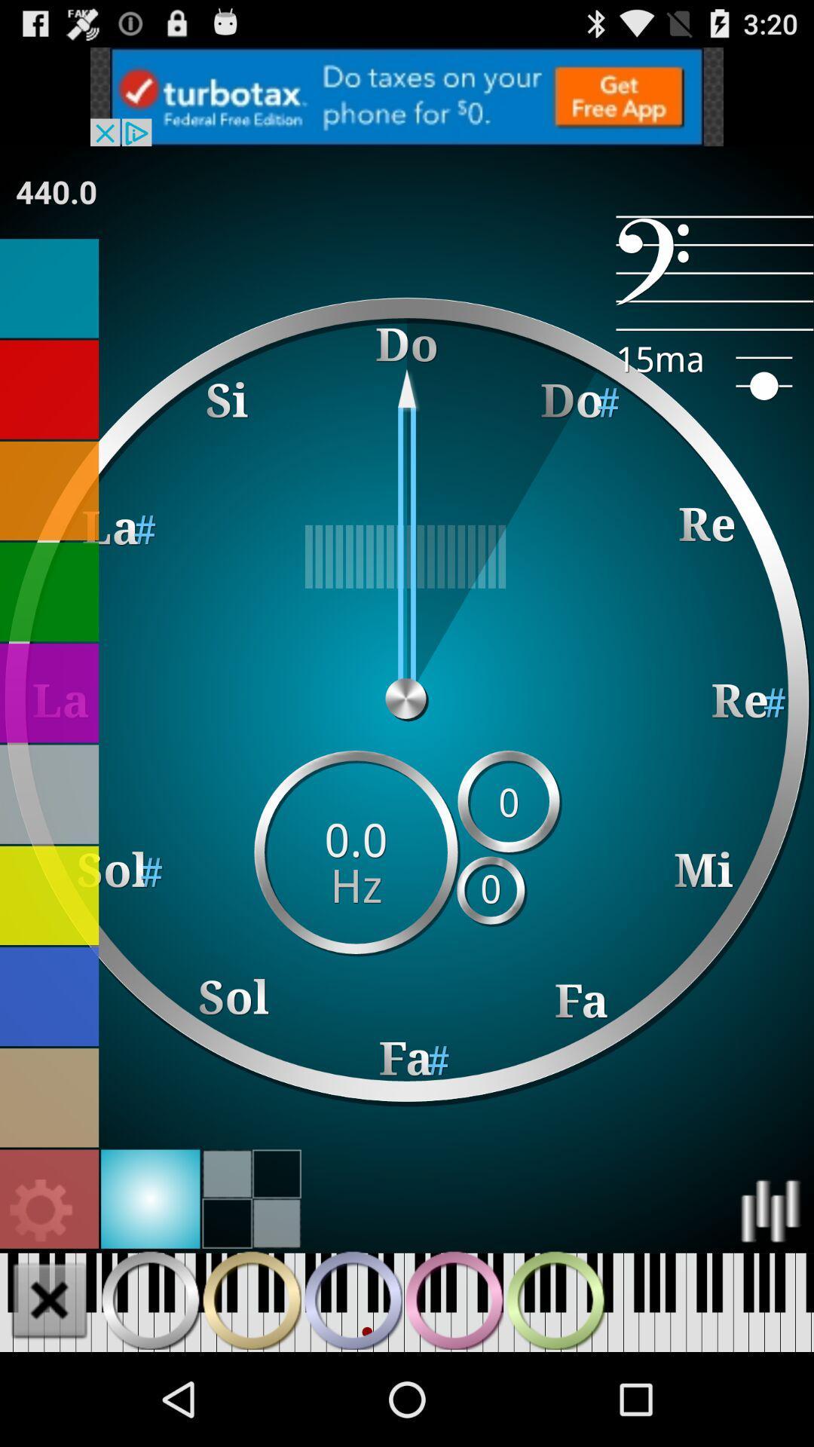 The image size is (814, 1447). I want to click on change color scheme, so click(48, 996).